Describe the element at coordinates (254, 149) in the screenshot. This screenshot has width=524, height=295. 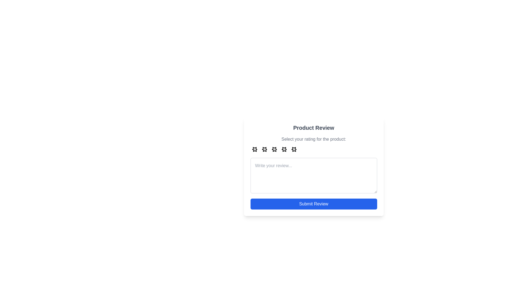
I see `the star representing 1 stars to preview the rating` at that location.